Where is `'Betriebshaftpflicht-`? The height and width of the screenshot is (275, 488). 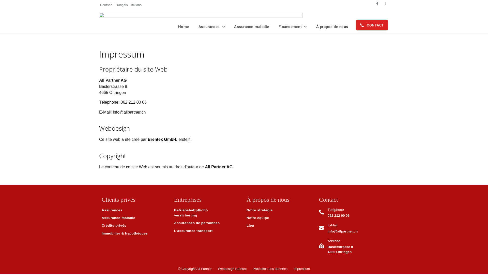 'Betriebshaftpflicht- is located at coordinates (208, 213).